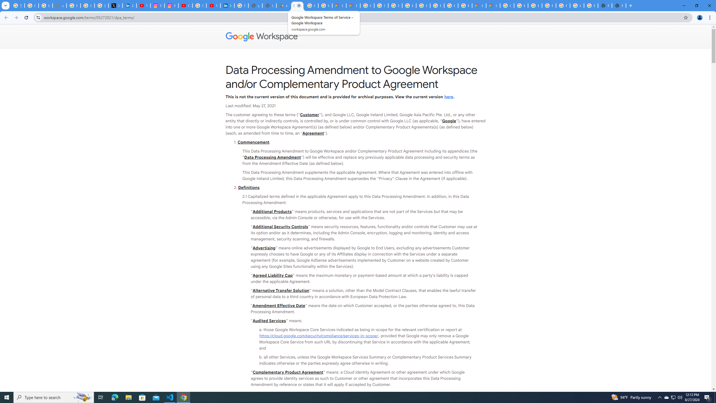 This screenshot has width=716, height=403. I want to click on 'Browse Chrome as a guest - Computer - Google Chrome Help', so click(395, 5).